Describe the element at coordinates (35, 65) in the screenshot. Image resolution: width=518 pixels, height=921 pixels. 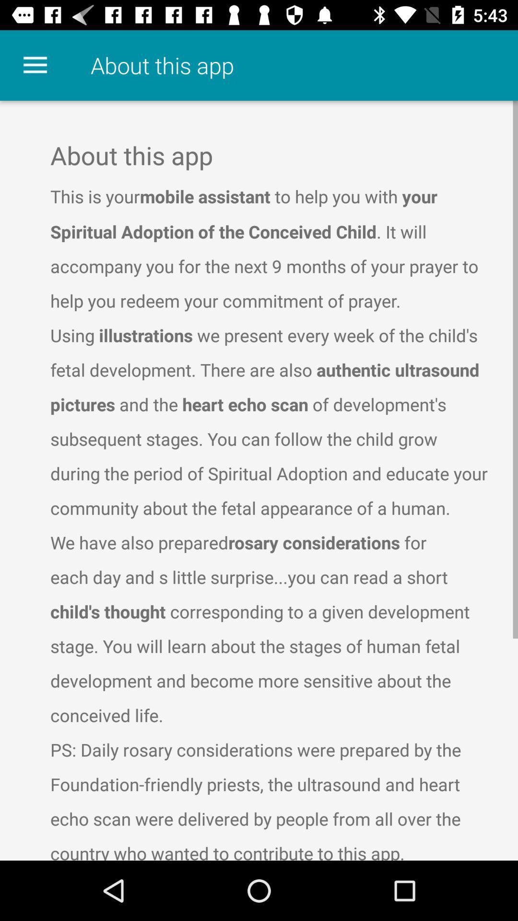
I see `icon above the about this app item` at that location.